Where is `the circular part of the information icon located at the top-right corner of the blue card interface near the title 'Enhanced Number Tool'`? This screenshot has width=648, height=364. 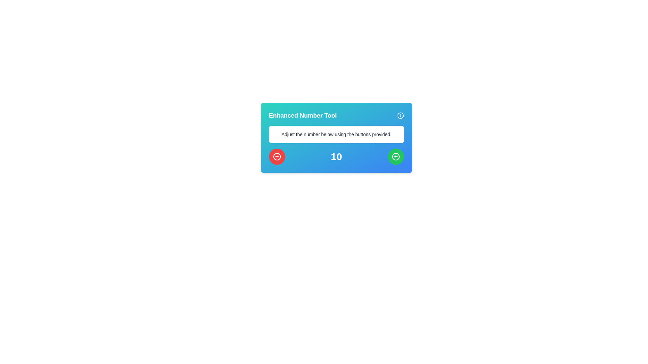 the circular part of the information icon located at the top-right corner of the blue card interface near the title 'Enhanced Number Tool' is located at coordinates (400, 115).